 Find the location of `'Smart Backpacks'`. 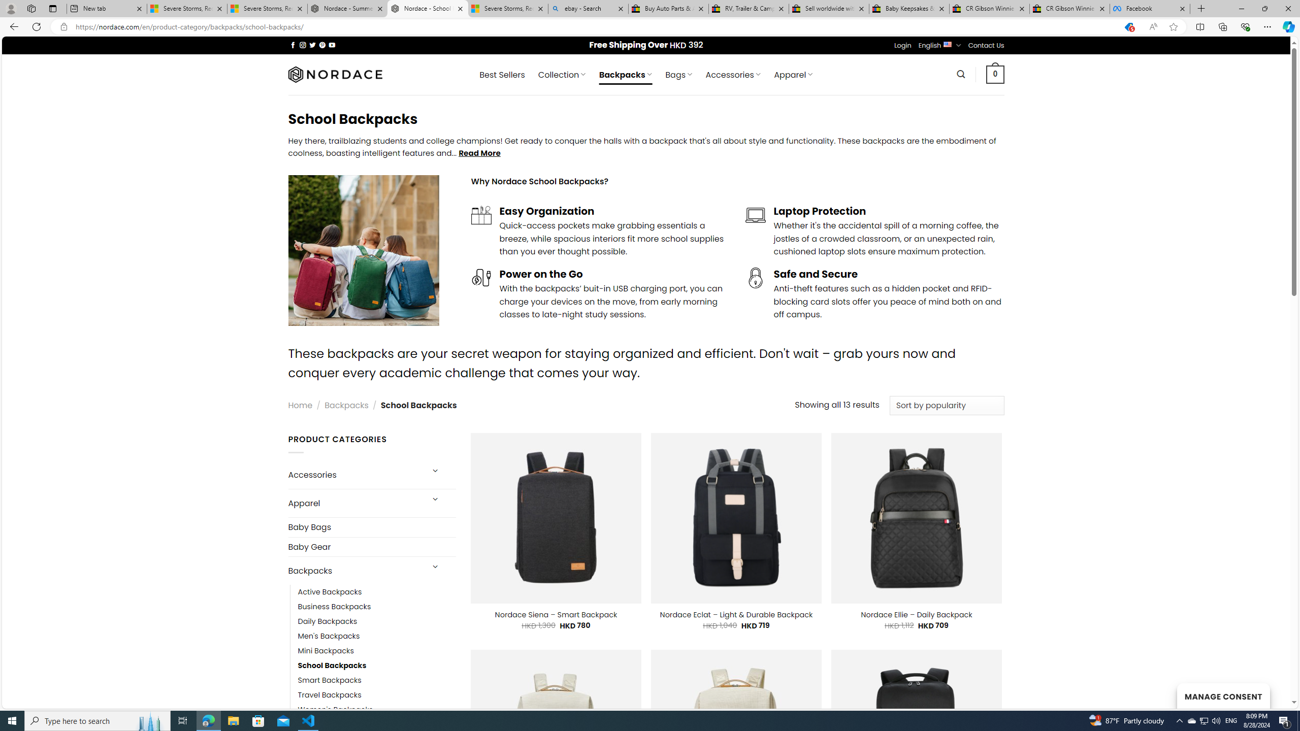

'Smart Backpacks' is located at coordinates (376, 680).